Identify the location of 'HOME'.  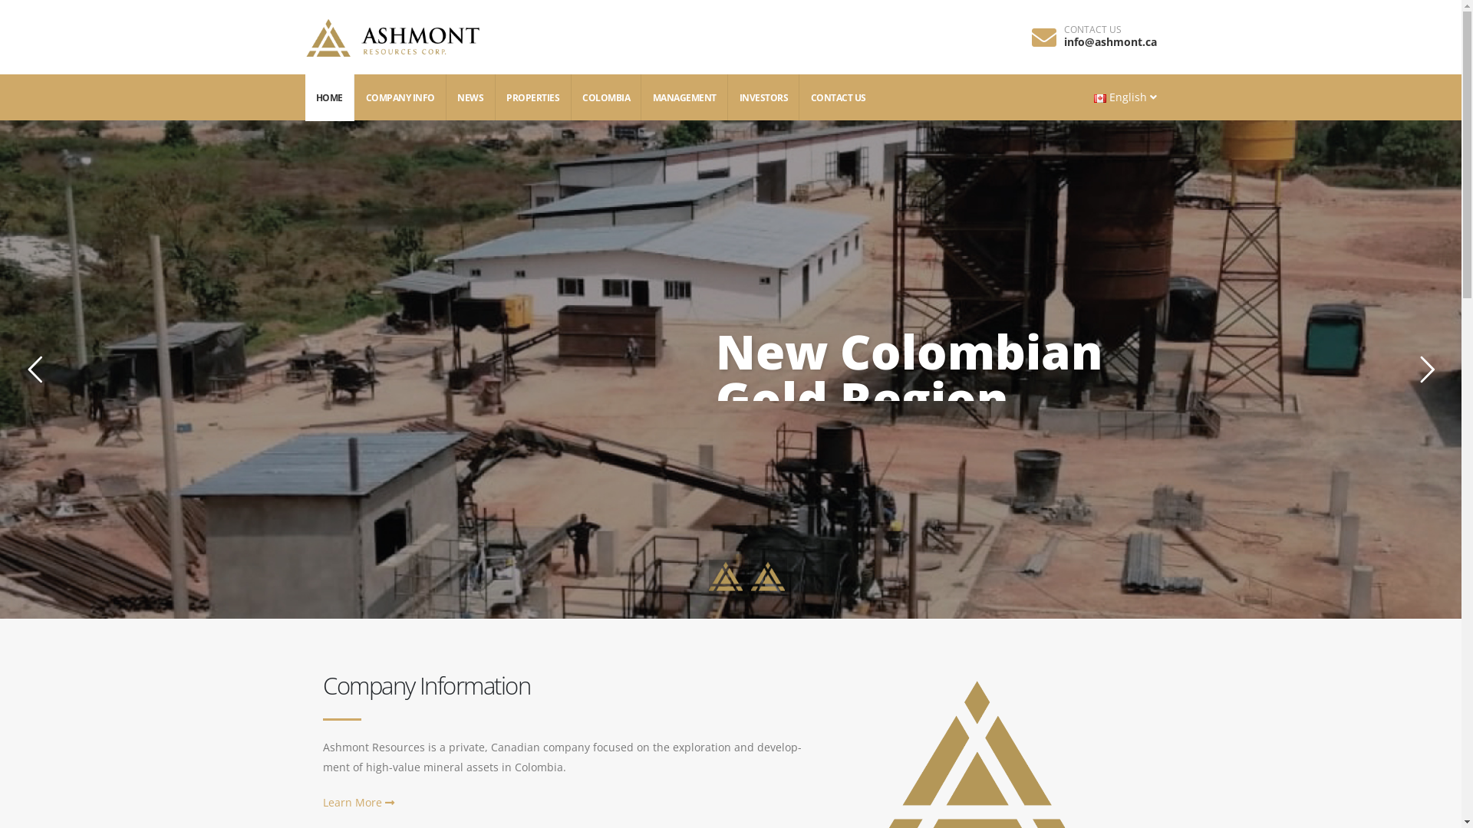
(329, 97).